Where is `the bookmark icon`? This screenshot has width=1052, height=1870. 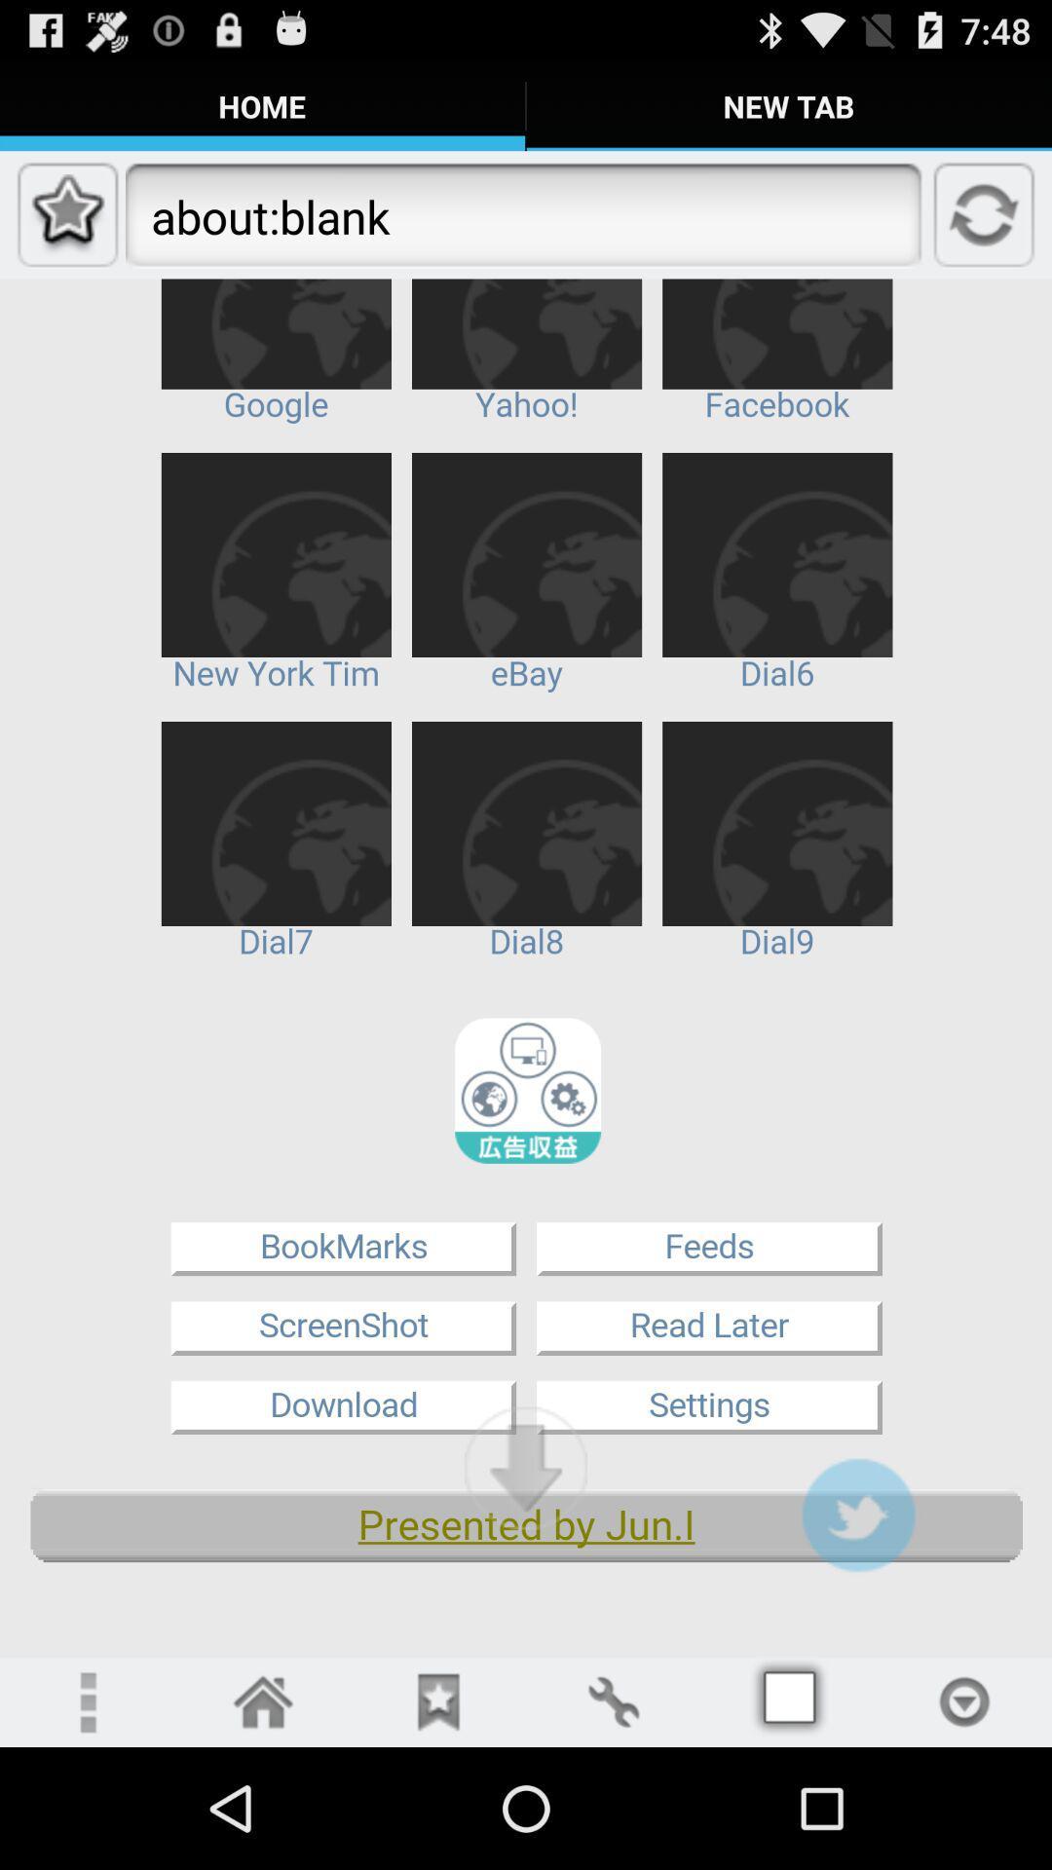 the bookmark icon is located at coordinates (438, 1820).